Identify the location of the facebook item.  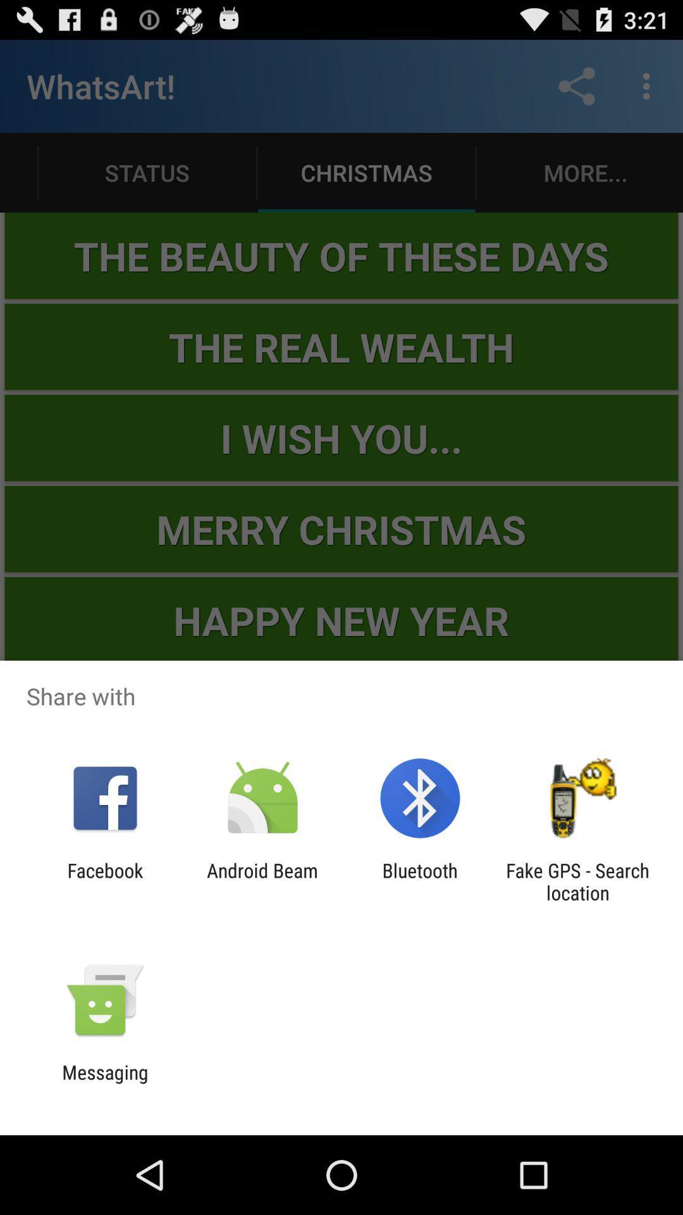
(104, 881).